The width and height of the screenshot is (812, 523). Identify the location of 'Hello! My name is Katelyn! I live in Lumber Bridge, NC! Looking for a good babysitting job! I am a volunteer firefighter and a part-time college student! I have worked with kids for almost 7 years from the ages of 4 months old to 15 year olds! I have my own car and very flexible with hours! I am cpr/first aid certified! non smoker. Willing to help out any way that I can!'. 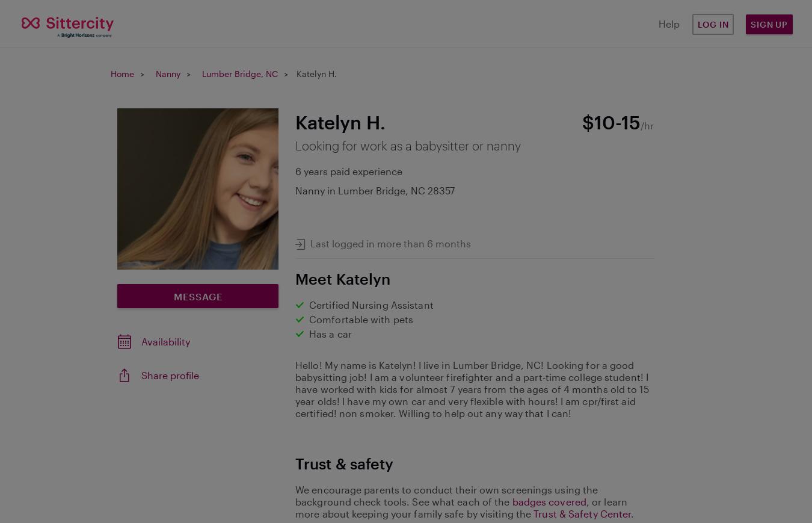
(471, 388).